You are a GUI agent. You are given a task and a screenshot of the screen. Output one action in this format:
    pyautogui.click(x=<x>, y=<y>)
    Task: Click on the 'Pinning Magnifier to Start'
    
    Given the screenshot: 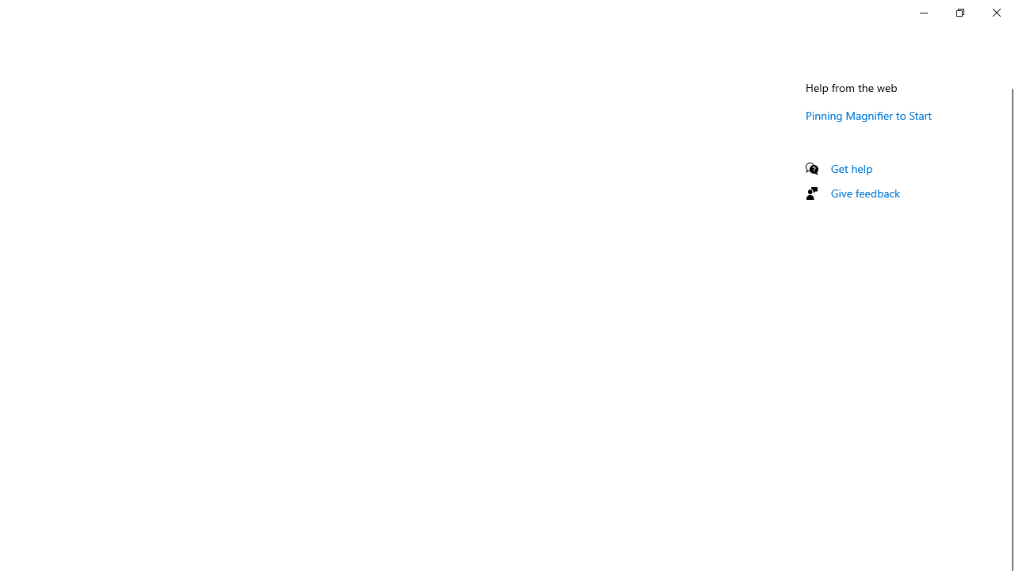 What is the action you would take?
    pyautogui.click(x=868, y=114)
    